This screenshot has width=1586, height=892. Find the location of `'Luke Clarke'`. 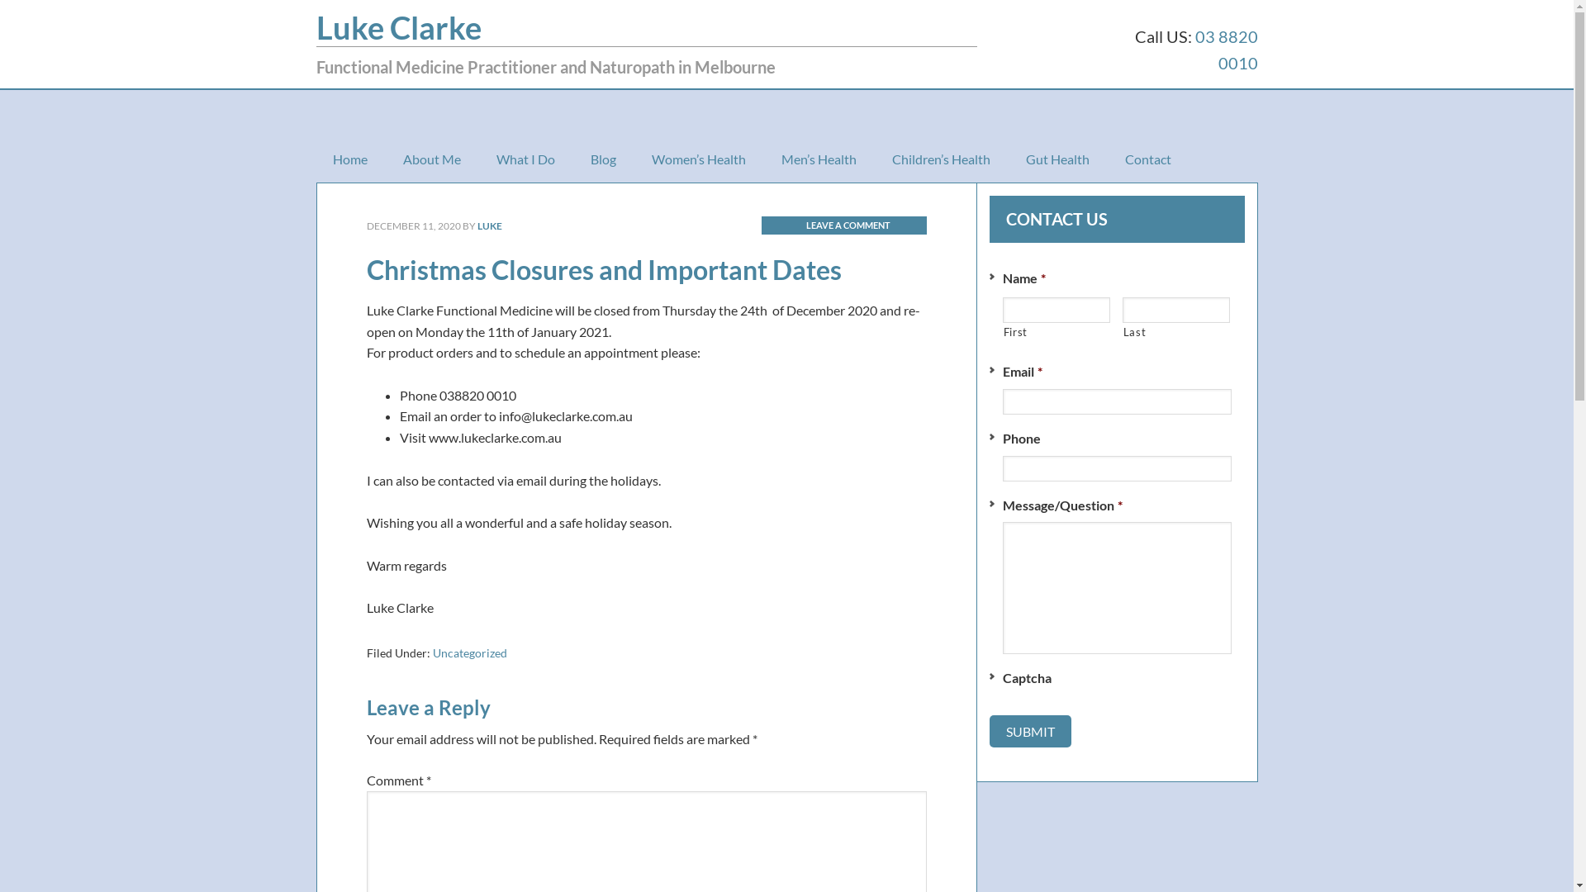

'Luke Clarke' is located at coordinates (316, 27).